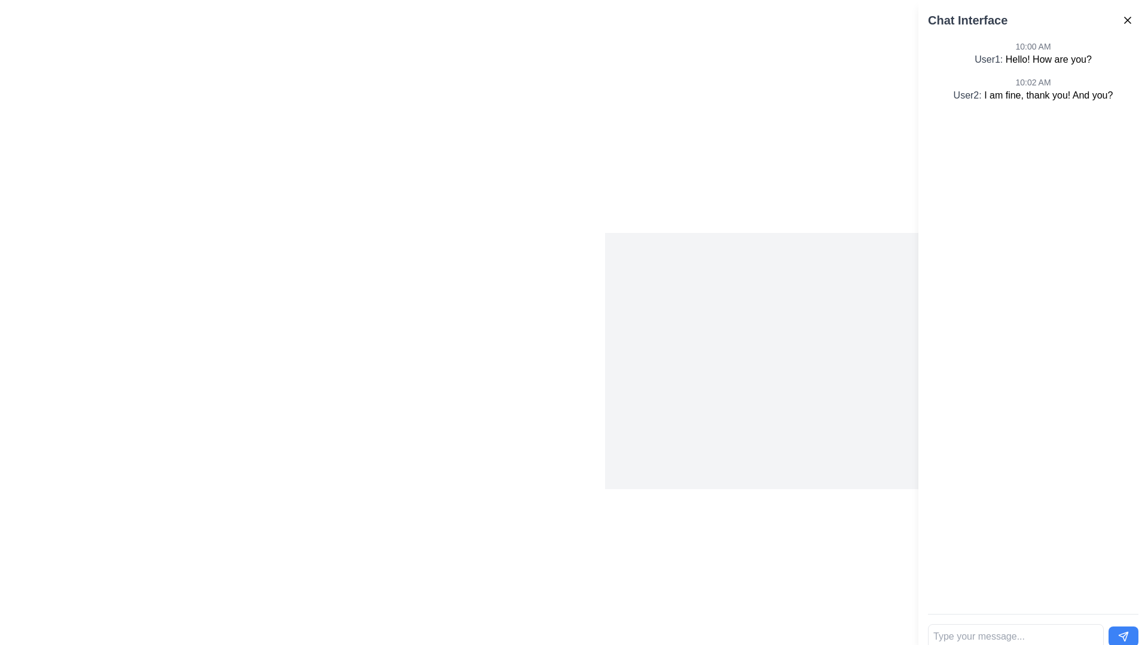 This screenshot has width=1148, height=645. I want to click on the Text Label displaying the time '10:00 AM', which is styled in gray and positioned above the user message content in the chat interface, so click(1033, 45).